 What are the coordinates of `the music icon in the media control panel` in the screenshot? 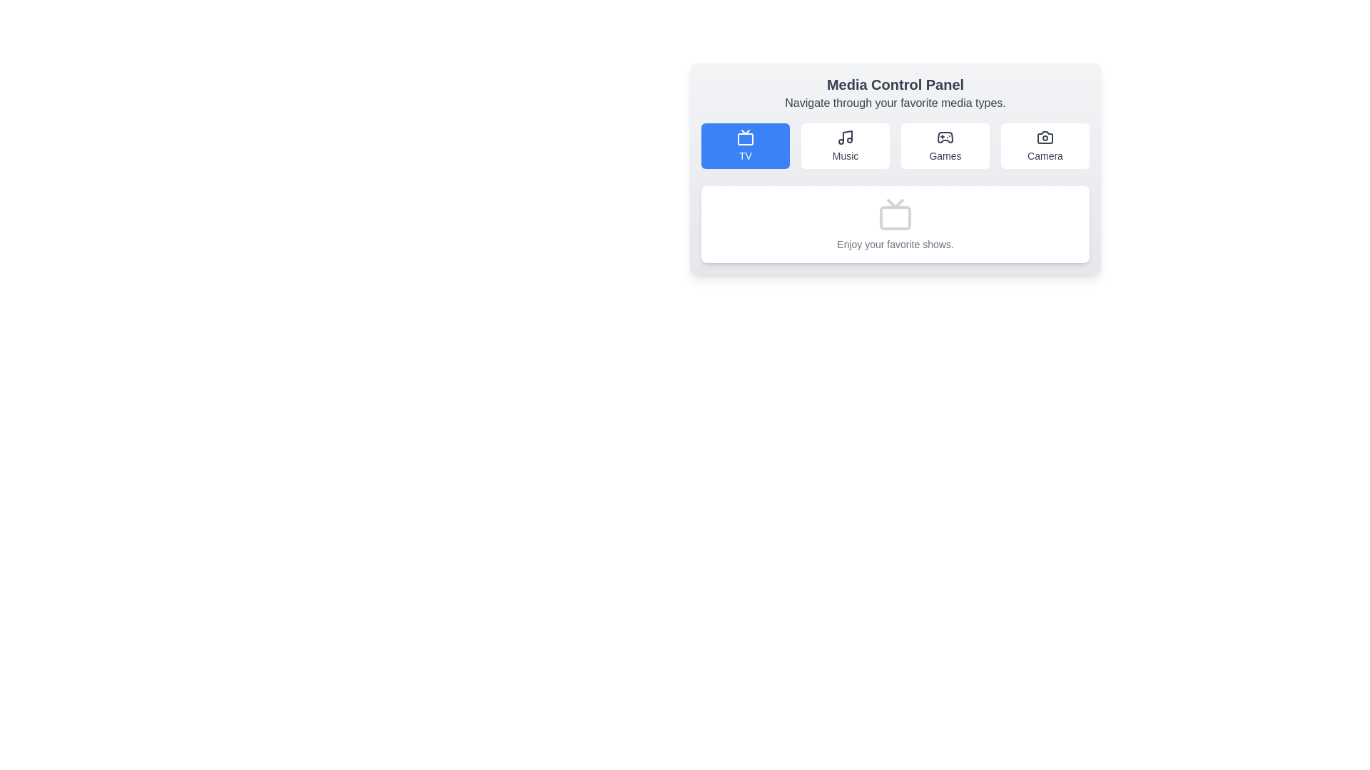 It's located at (846, 137).